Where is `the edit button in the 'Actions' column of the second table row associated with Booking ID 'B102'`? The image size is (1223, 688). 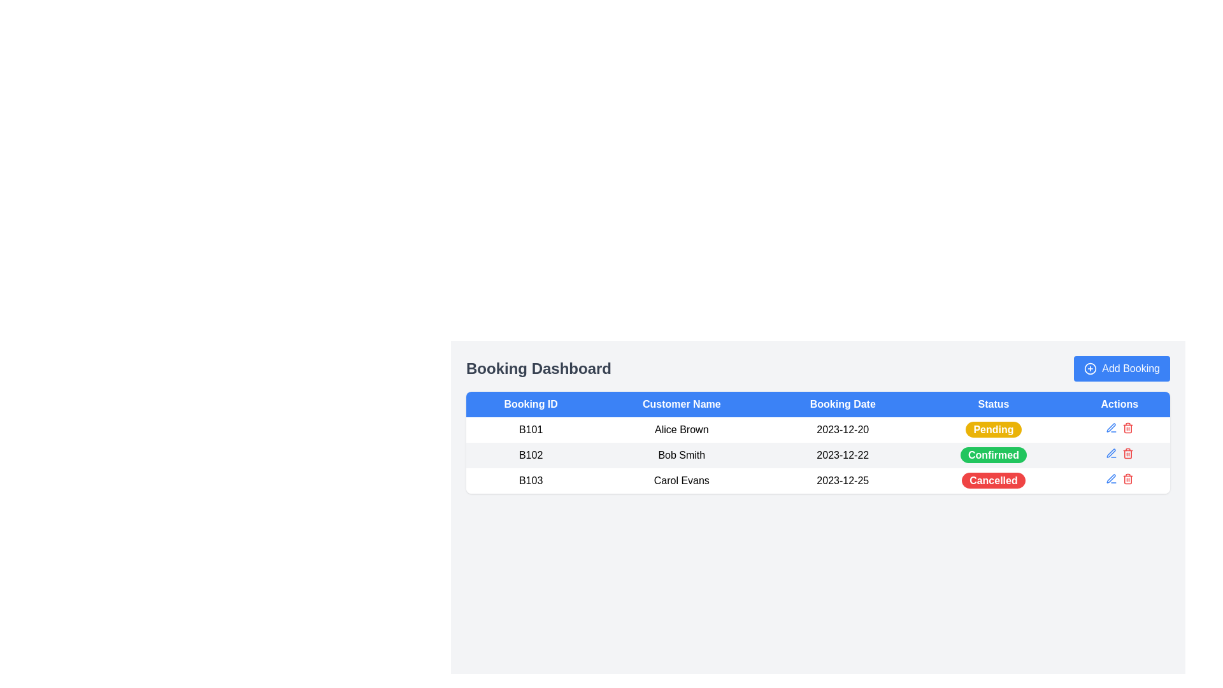
the edit button in the 'Actions' column of the second table row associated with Booking ID 'B102' is located at coordinates (1110, 453).